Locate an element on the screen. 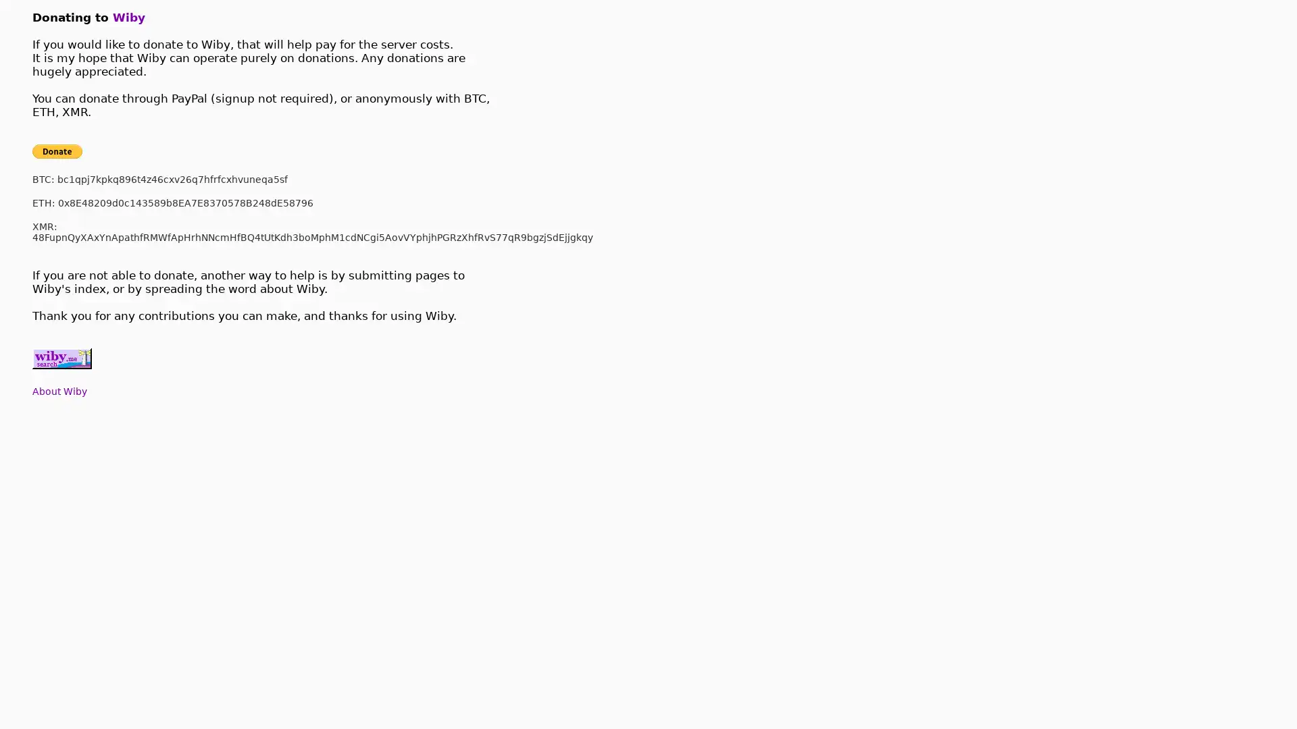 Image resolution: width=1297 pixels, height=729 pixels. Donate with PayPal button is located at coordinates (57, 151).